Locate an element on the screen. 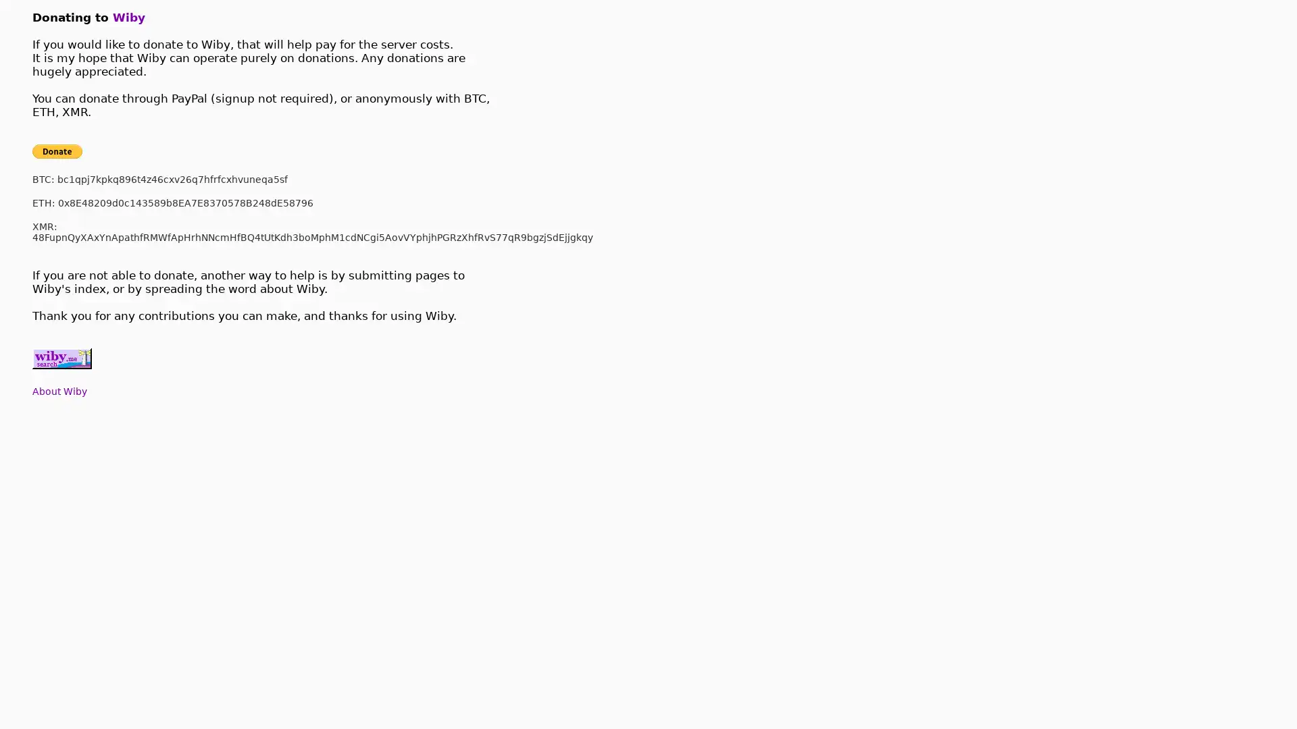 Image resolution: width=1297 pixels, height=729 pixels. Donate with PayPal button is located at coordinates (57, 151).